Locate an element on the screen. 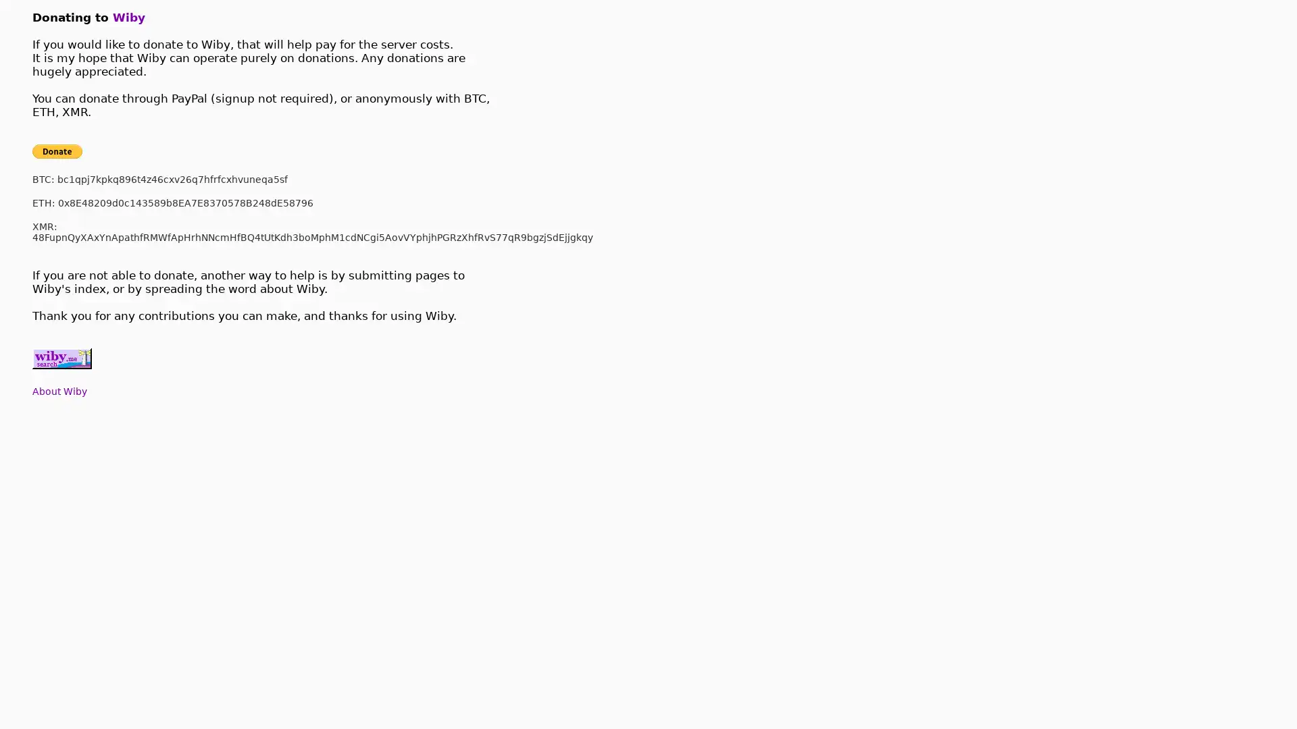 Image resolution: width=1297 pixels, height=729 pixels. Donate with PayPal button is located at coordinates (57, 151).